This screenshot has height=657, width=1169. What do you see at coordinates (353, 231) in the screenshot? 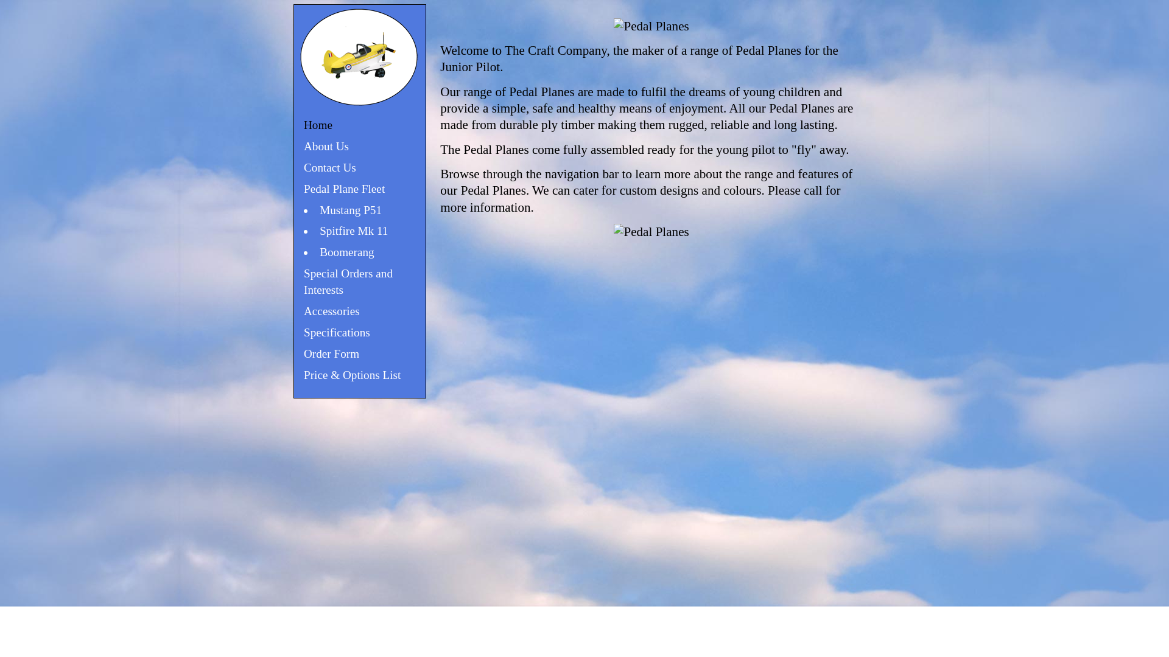
I see `'Spitfire Mk 11'` at bounding box center [353, 231].